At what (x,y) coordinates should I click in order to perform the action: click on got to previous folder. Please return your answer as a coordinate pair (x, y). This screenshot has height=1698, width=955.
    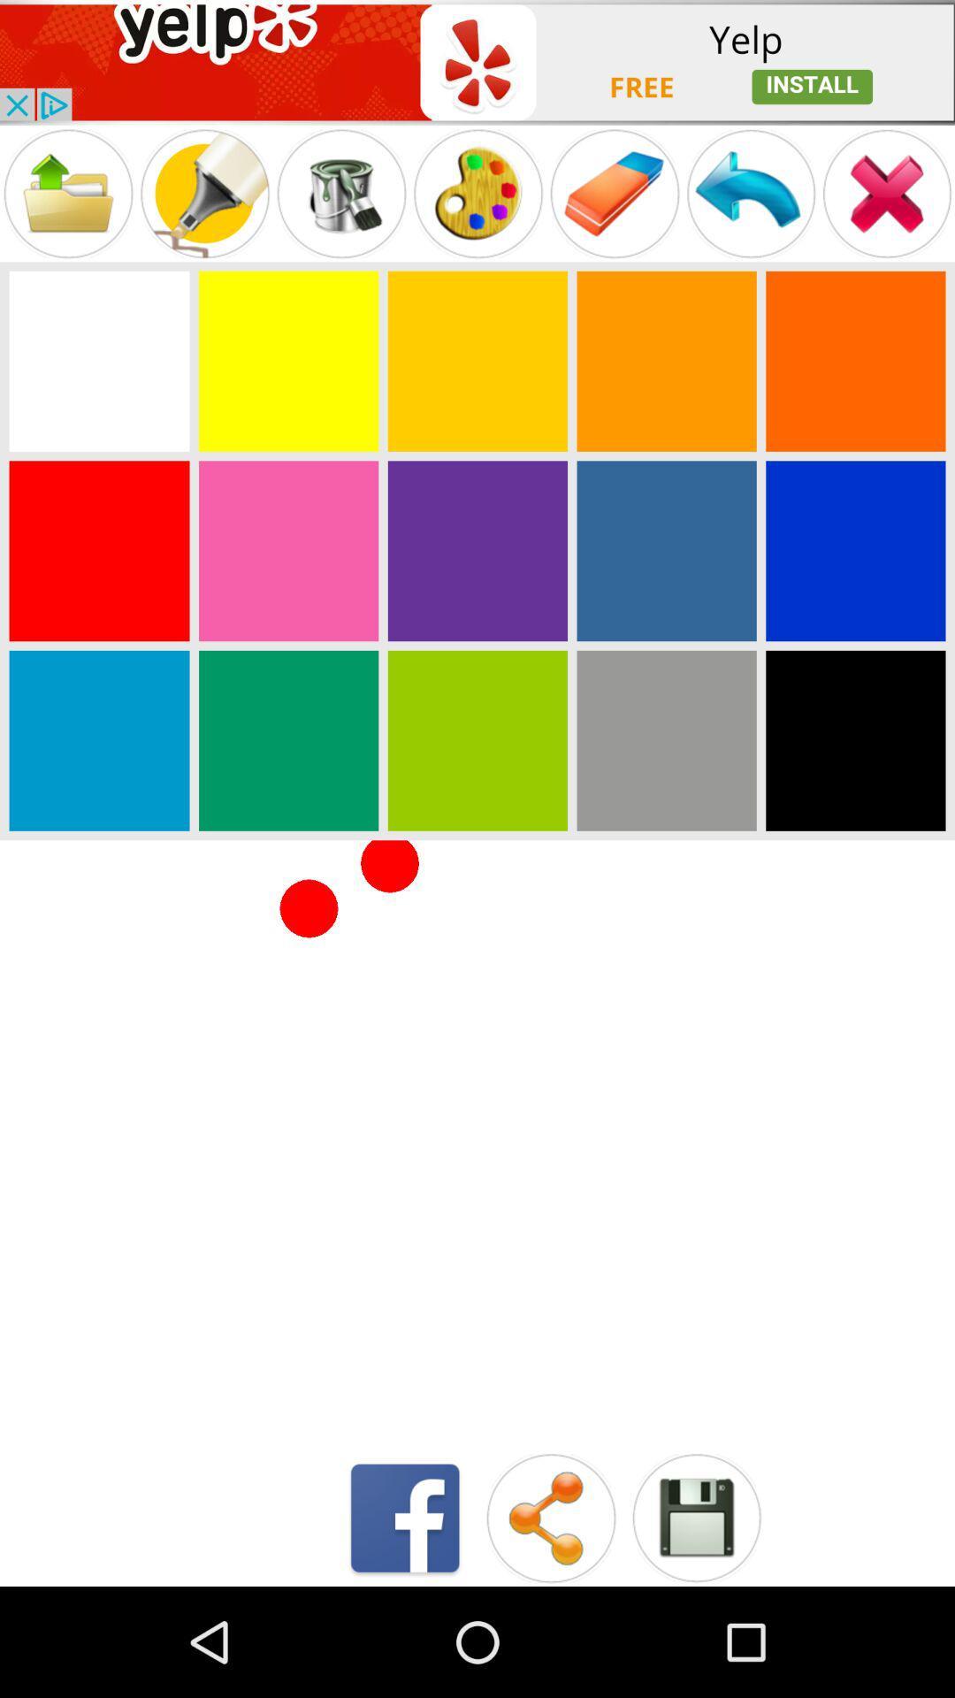
    Looking at the image, I should click on (67, 194).